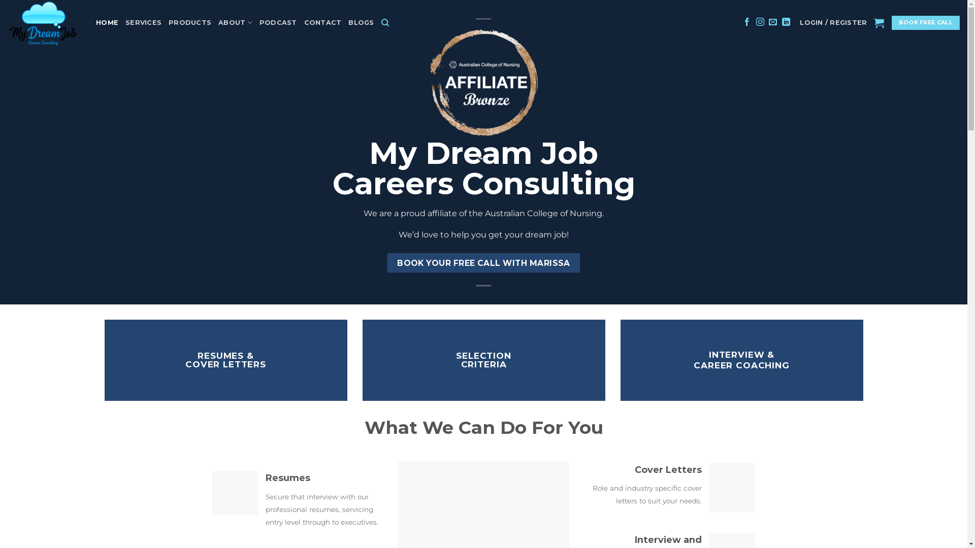 The image size is (975, 548). Describe the element at coordinates (361, 23) in the screenshot. I see `'BLOGS'` at that location.